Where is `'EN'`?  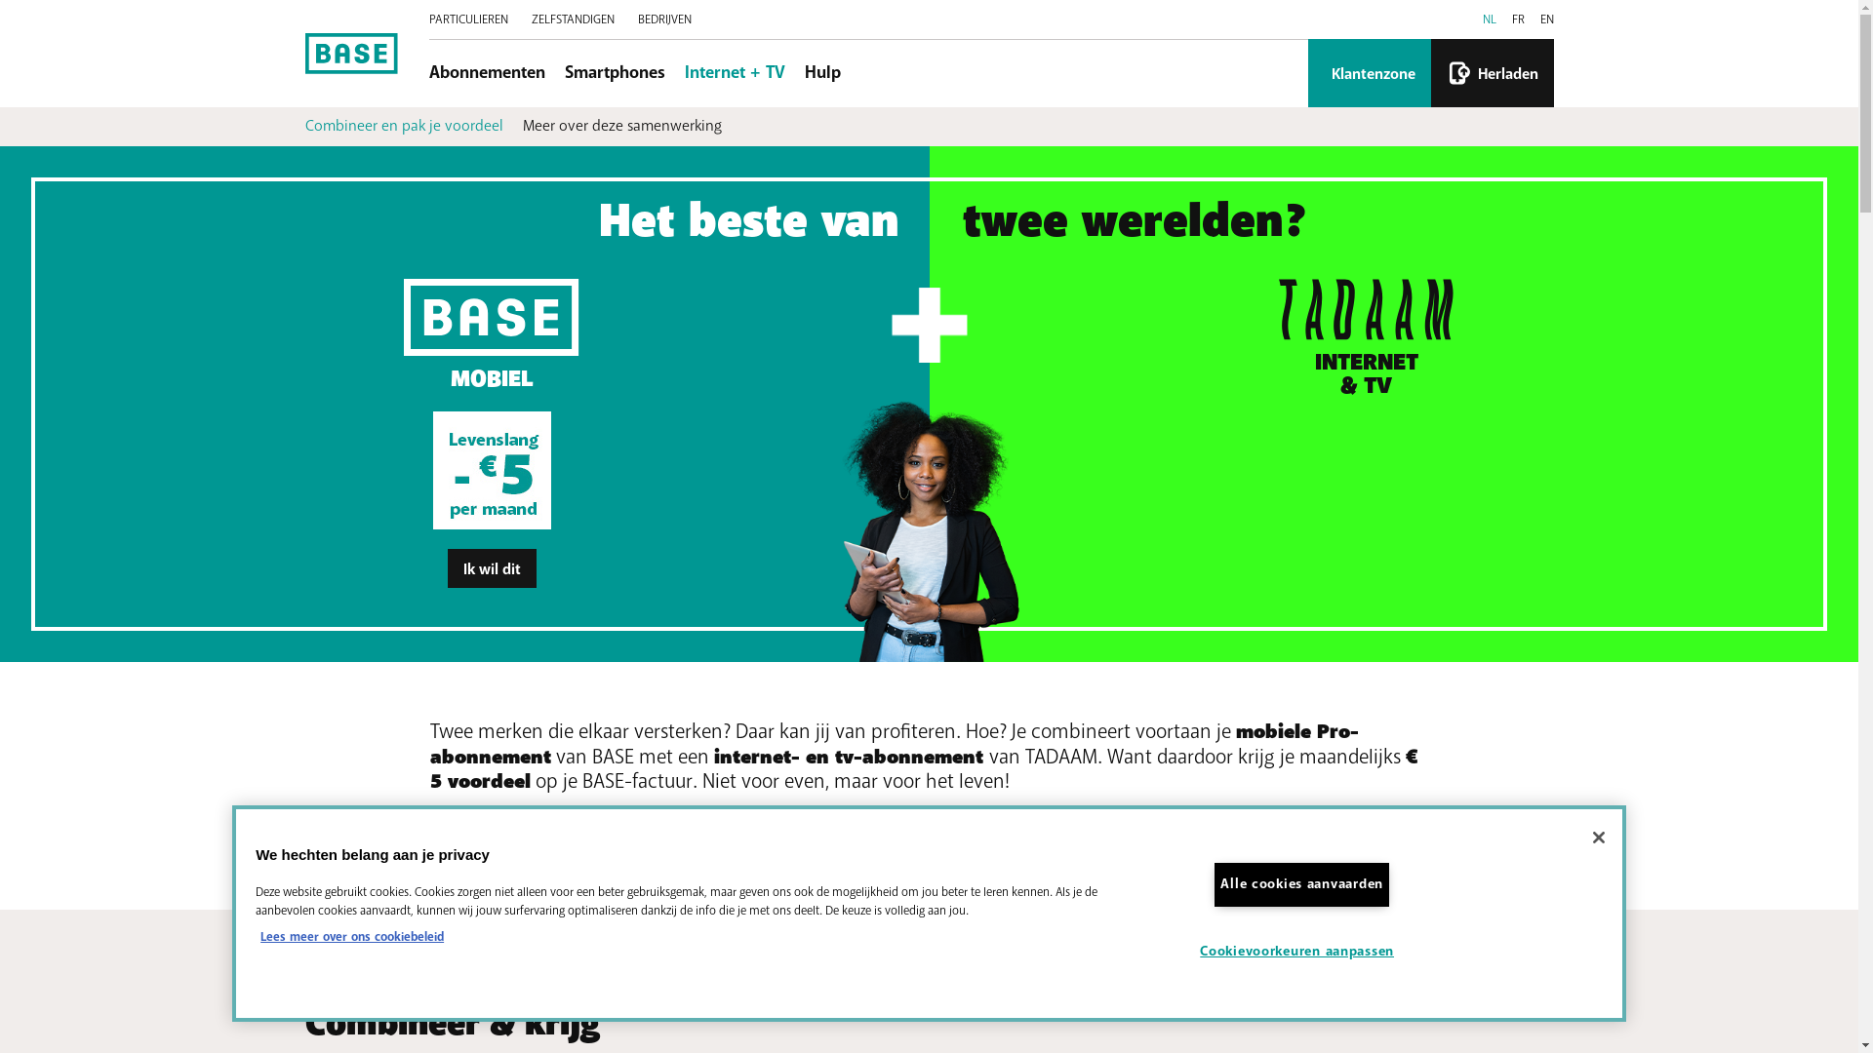 'EN' is located at coordinates (1544, 19).